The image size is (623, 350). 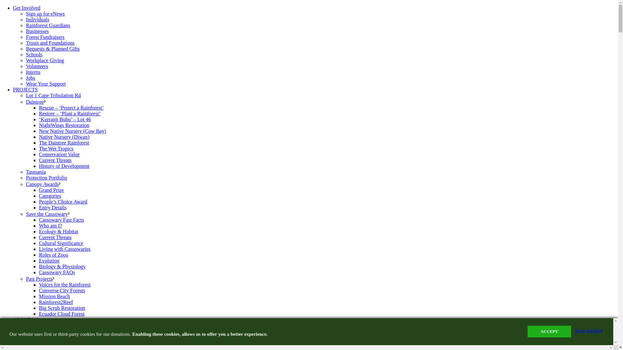 What do you see at coordinates (45, 335) in the screenshot?
I see `'Board of Directors'` at bounding box center [45, 335].